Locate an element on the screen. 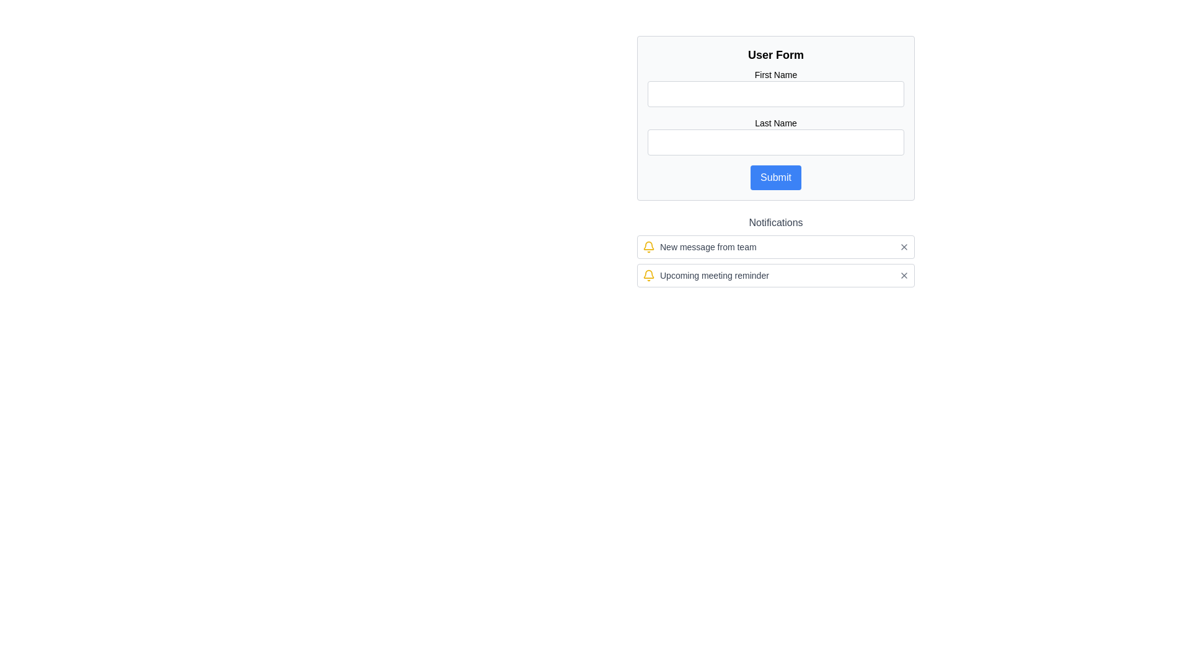  the notification icon that serves as a visual indicator for the 'New message from team' notification, located on the left side of the notification item is located at coordinates (648, 247).